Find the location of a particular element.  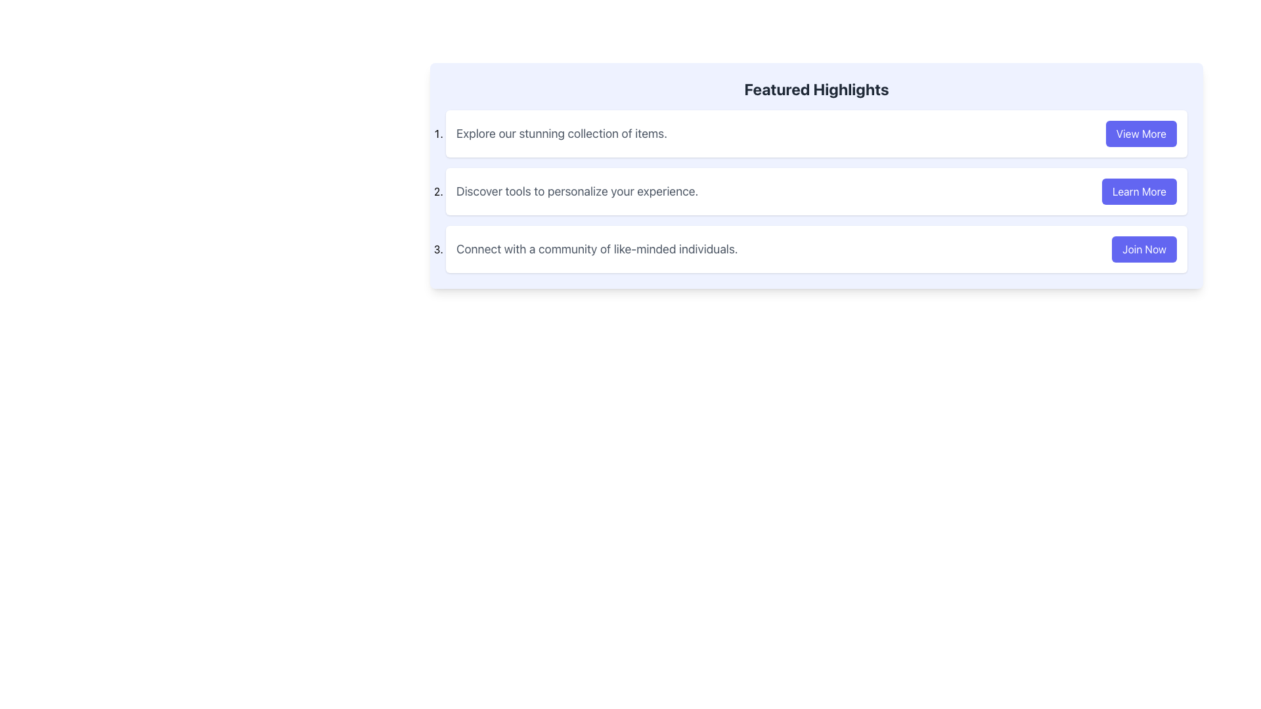

the 'Join Now' button located on the far right of the third row in the vertical list of highlighted features, adjacent to the text 'Connect with a community of like-minded individuals.' is located at coordinates (1143, 249).